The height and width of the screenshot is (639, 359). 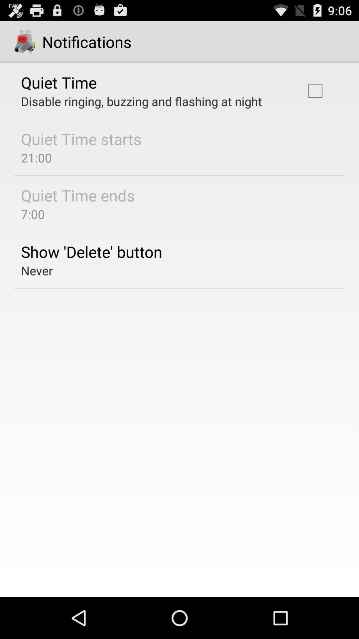 I want to click on the disable ringing buzzing, so click(x=141, y=101).